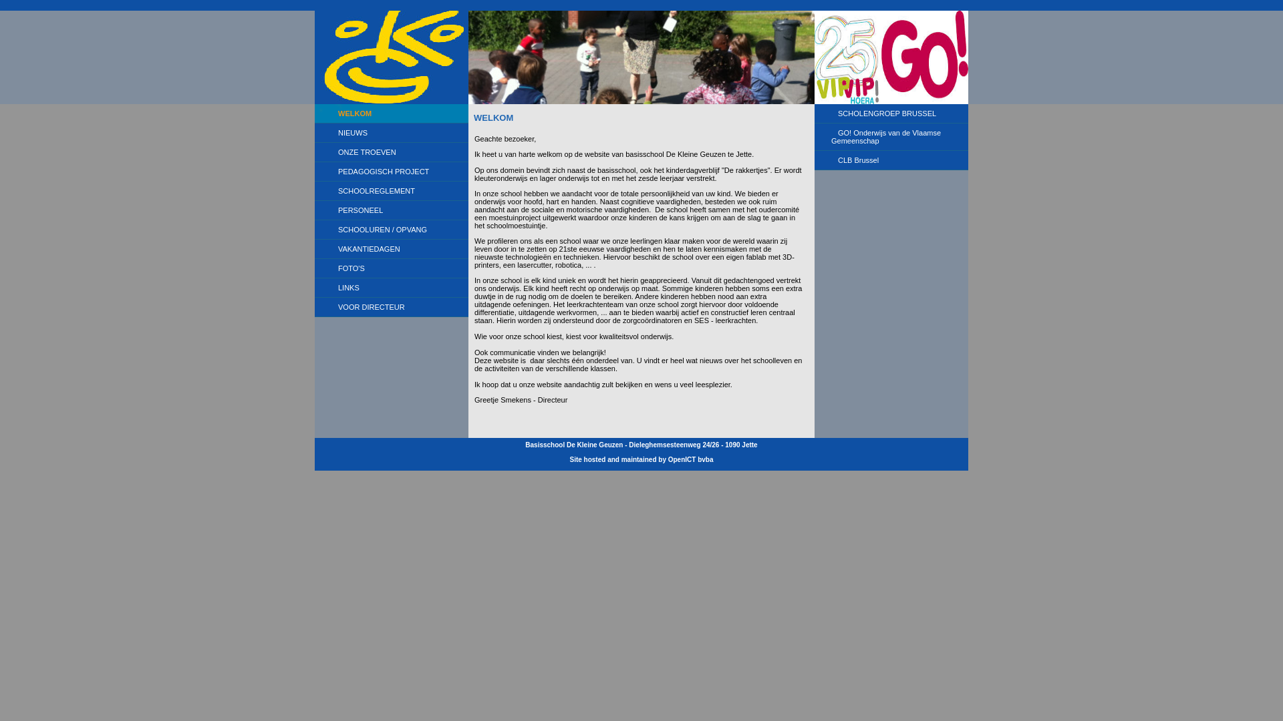 This screenshot has height=721, width=1283. Describe the element at coordinates (313, 268) in the screenshot. I see `'FOTO'S'` at that location.